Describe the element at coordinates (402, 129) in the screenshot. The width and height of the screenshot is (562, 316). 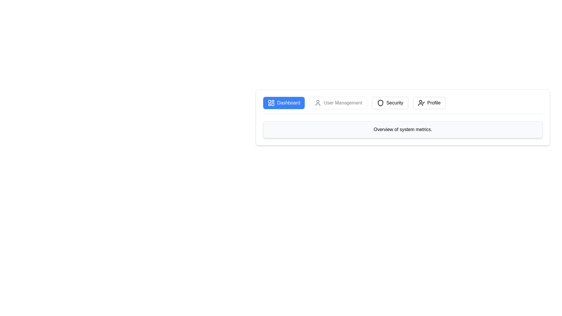
I see `the informational text box with the text 'Overview of system metrics.' which is a rectangular component with rounded corners and a light gray background` at that location.